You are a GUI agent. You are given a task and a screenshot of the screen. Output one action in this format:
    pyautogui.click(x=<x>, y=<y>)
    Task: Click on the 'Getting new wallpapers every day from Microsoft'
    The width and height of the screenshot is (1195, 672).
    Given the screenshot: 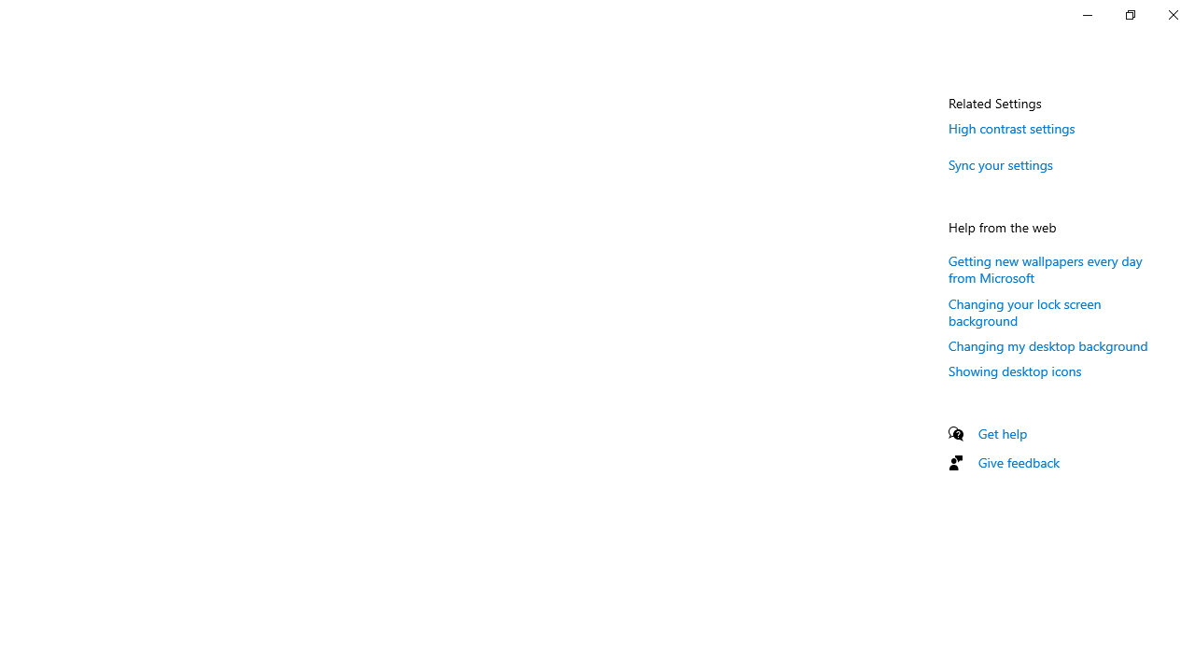 What is the action you would take?
    pyautogui.click(x=1046, y=269)
    